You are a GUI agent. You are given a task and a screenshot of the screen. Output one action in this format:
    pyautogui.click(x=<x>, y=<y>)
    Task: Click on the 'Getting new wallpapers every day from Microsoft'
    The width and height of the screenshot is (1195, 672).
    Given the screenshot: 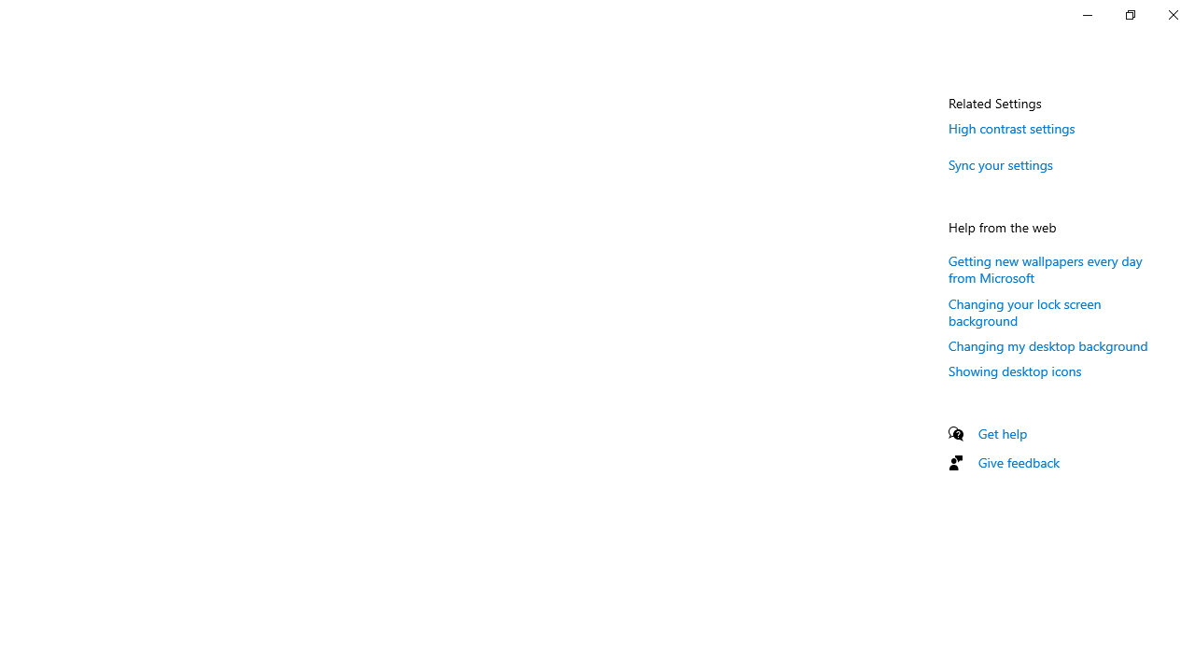 What is the action you would take?
    pyautogui.click(x=1046, y=269)
    